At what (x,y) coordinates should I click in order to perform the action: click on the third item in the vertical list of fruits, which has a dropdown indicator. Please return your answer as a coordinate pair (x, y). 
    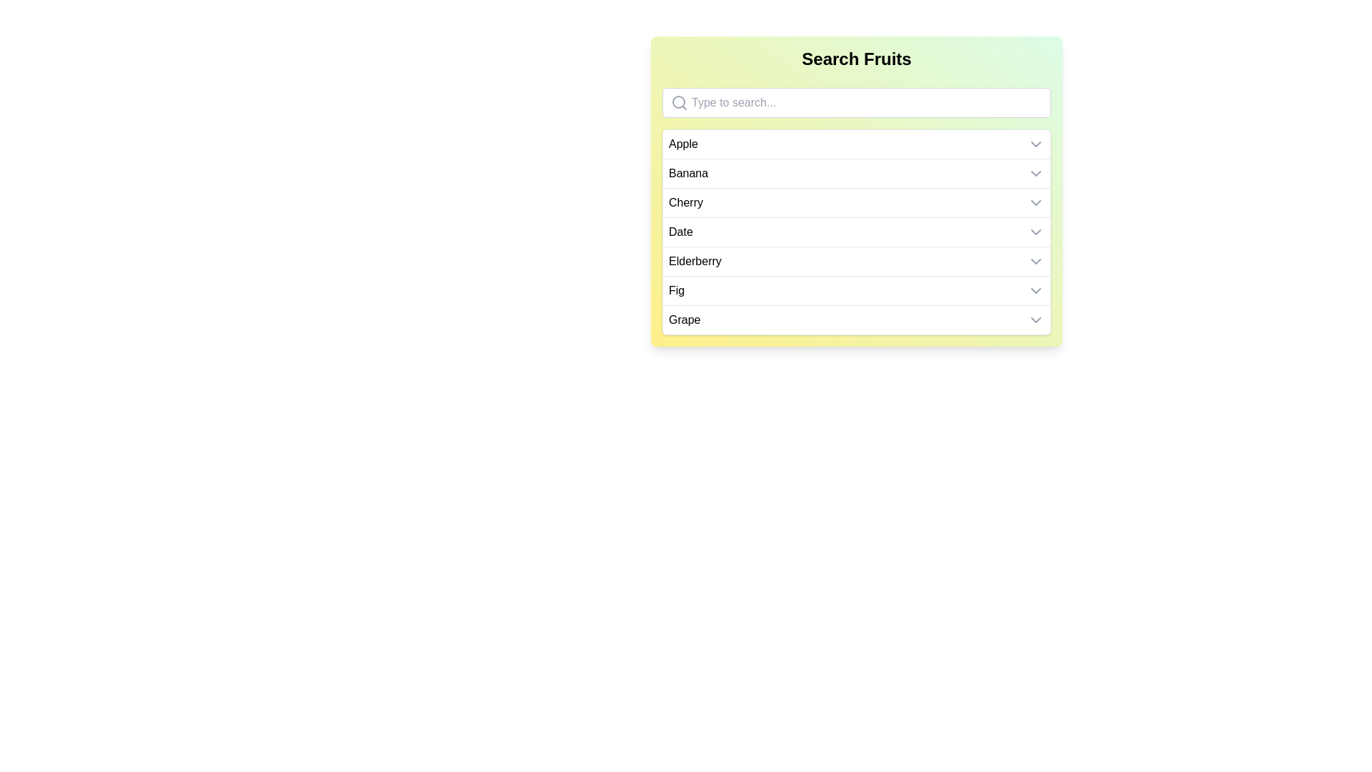
    Looking at the image, I should click on (857, 203).